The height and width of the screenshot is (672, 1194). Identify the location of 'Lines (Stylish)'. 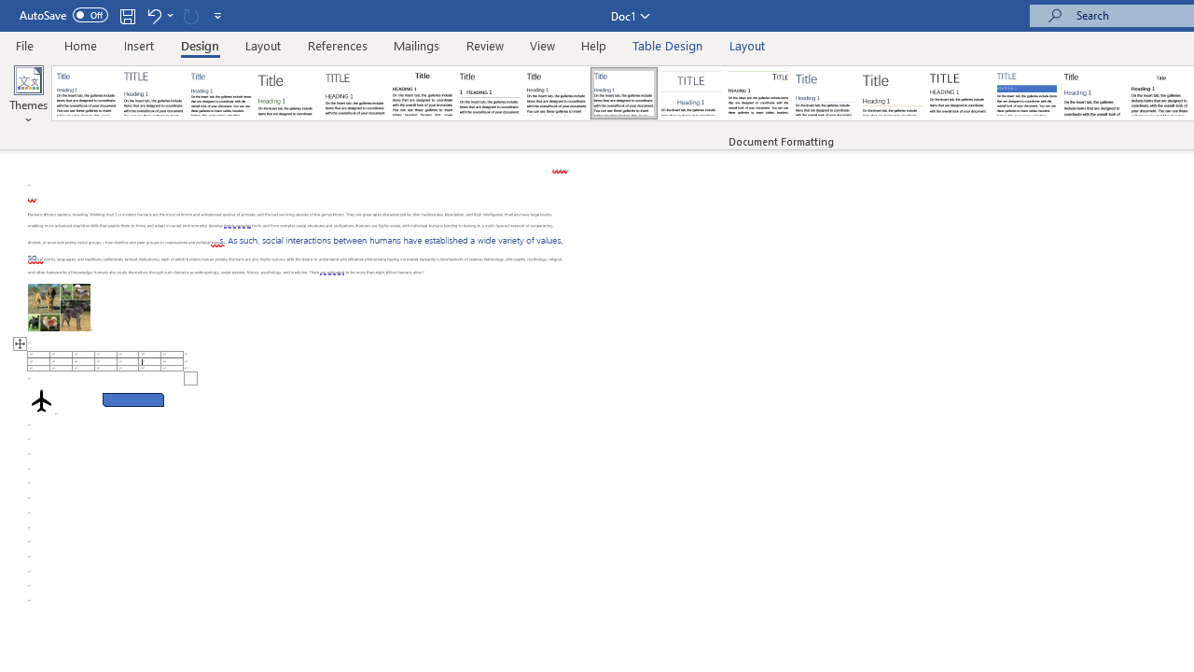
(892, 93).